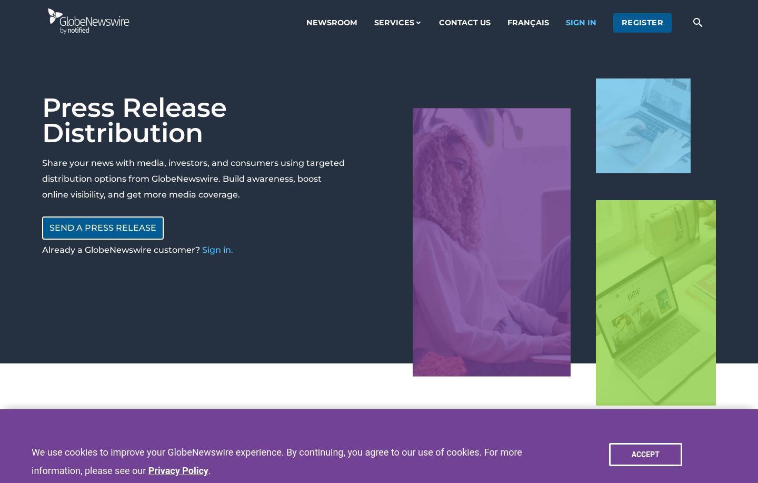 This screenshot has width=758, height=483. I want to click on 'Sign in.', so click(202, 249).